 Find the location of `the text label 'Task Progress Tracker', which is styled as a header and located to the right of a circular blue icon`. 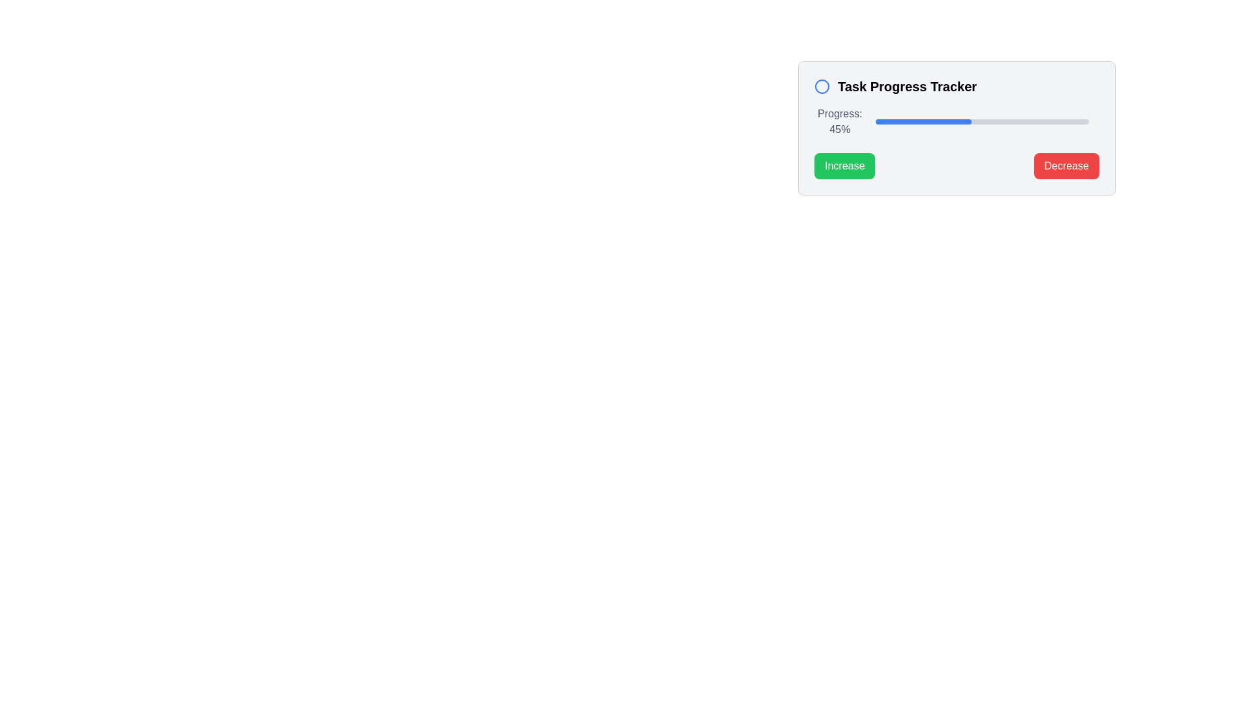

the text label 'Task Progress Tracker', which is styled as a header and located to the right of a circular blue icon is located at coordinates (906, 86).